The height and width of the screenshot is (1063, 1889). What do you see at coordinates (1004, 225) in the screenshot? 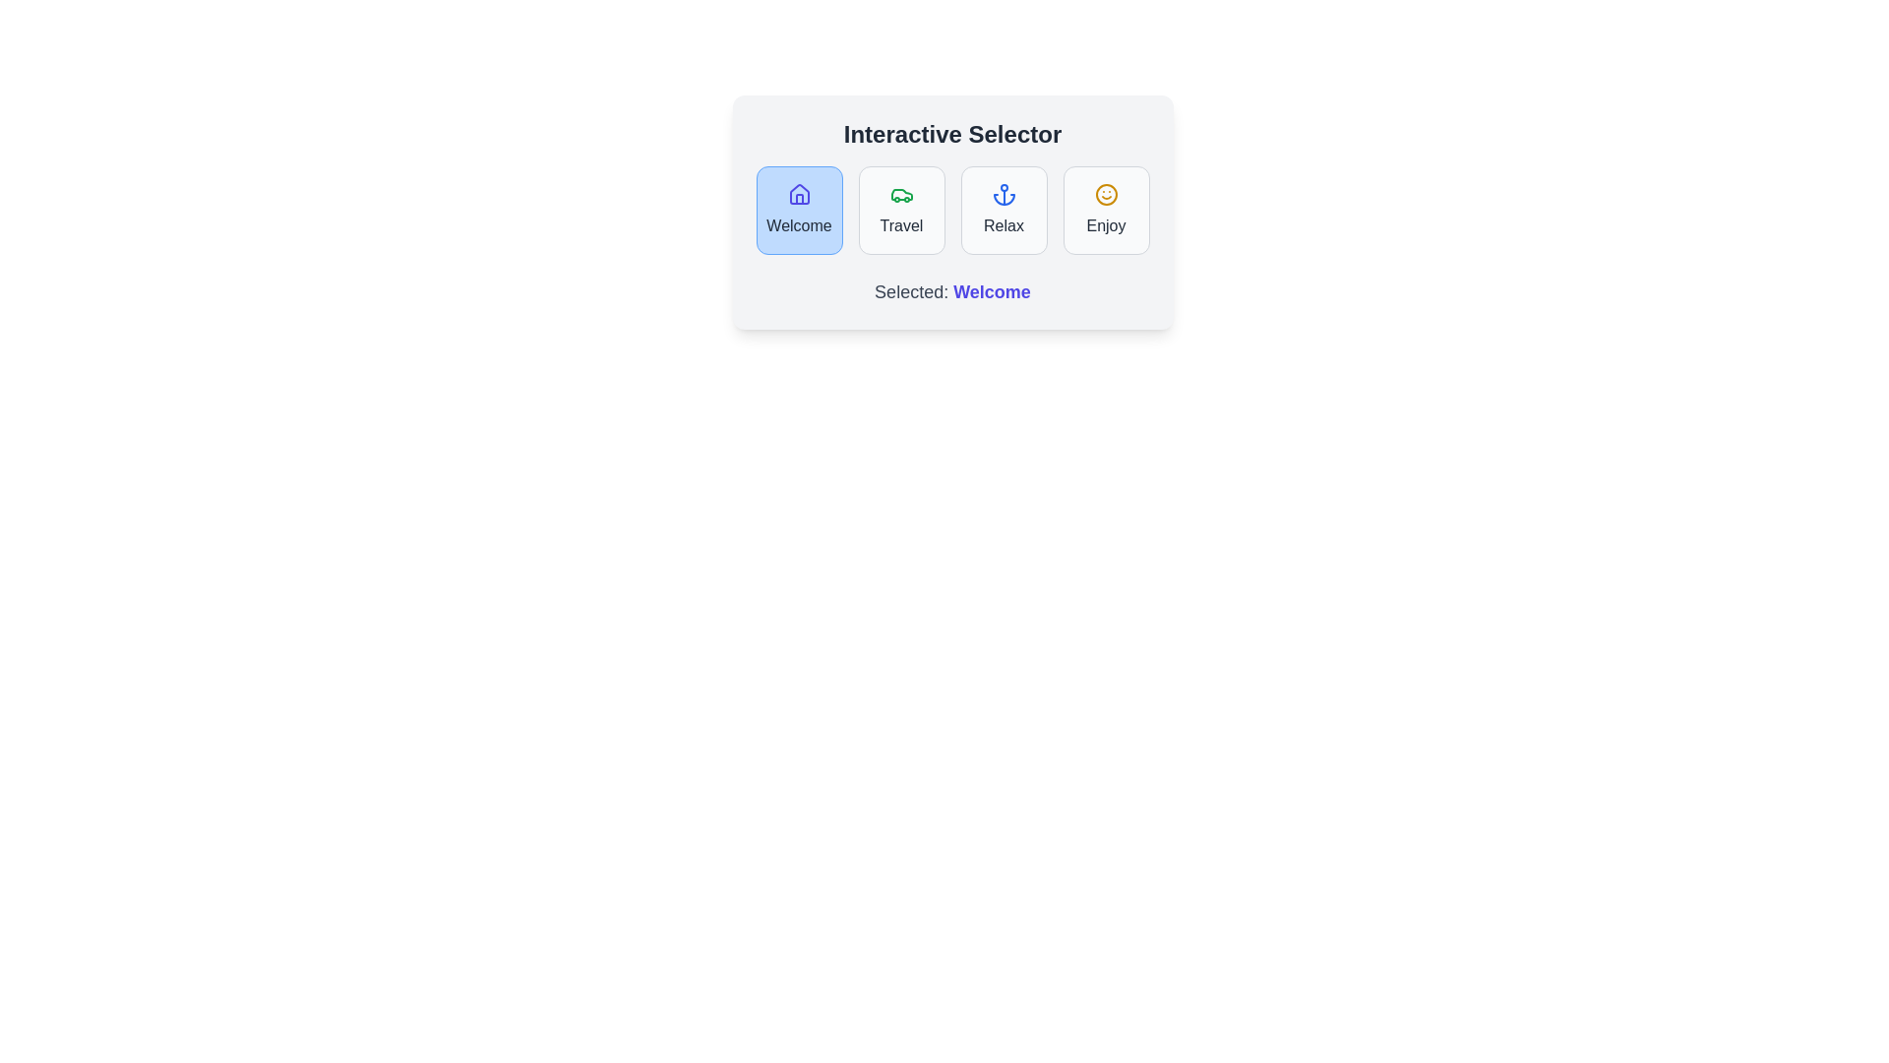
I see `the text label displaying 'Relax' in gray, located below the anchor icon in the third button from the left` at bounding box center [1004, 225].